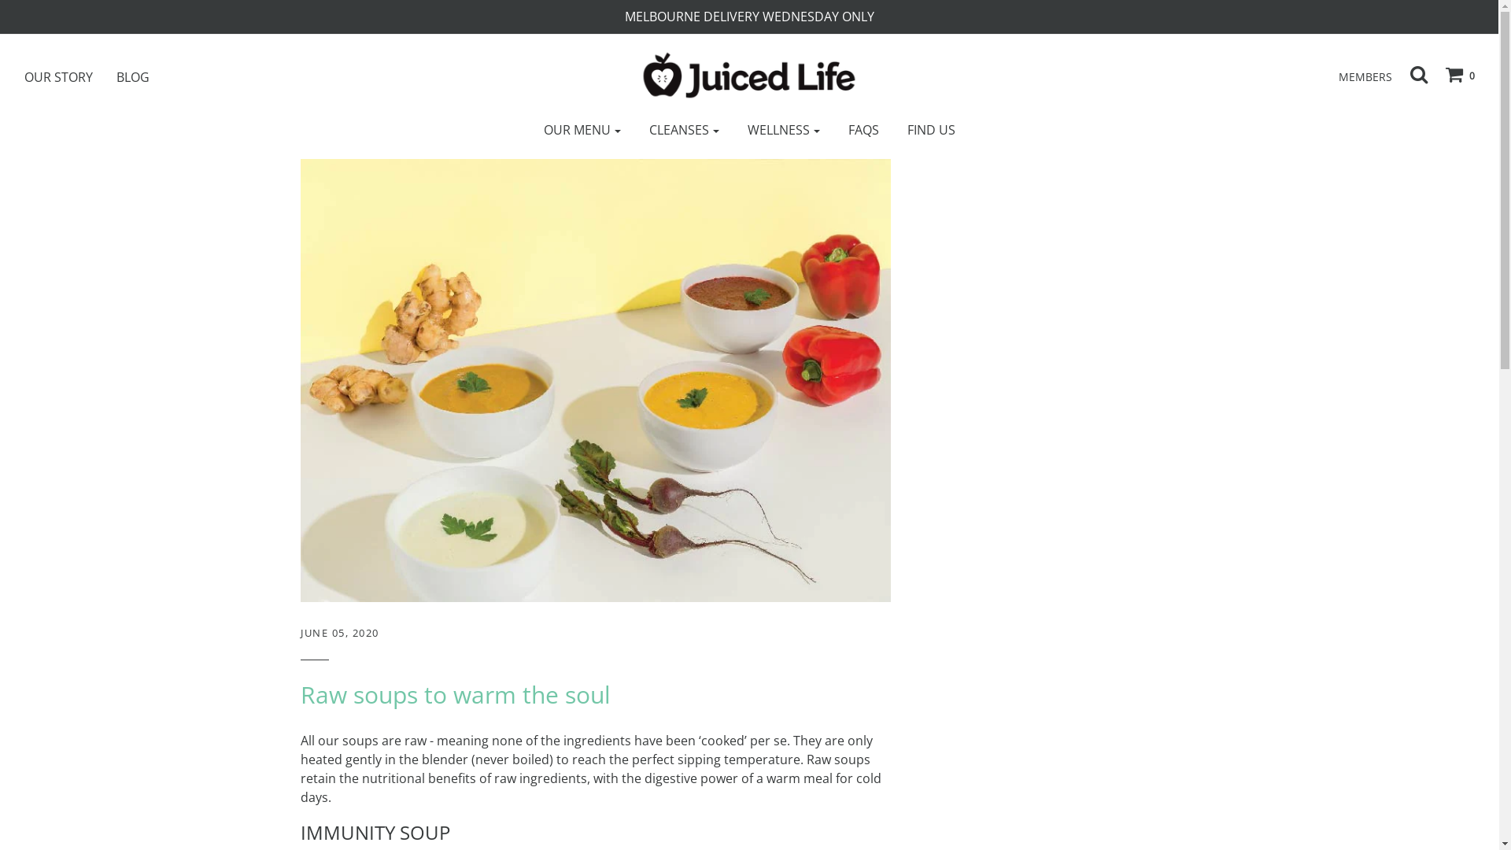 Image resolution: width=1511 pixels, height=850 pixels. I want to click on 'BLOG', so click(144, 76).